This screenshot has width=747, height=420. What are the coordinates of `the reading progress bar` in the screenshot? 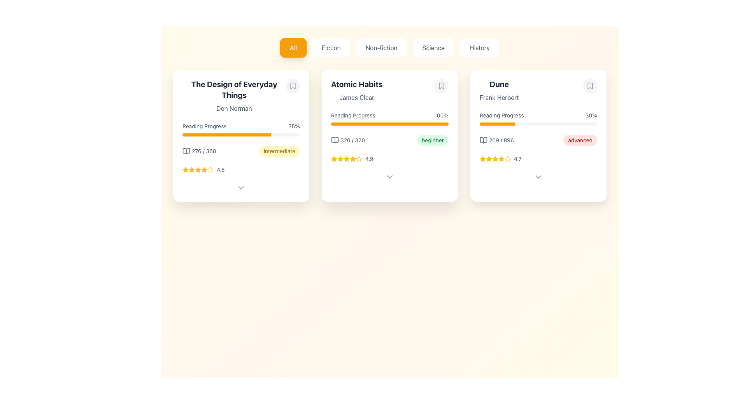 It's located at (211, 135).